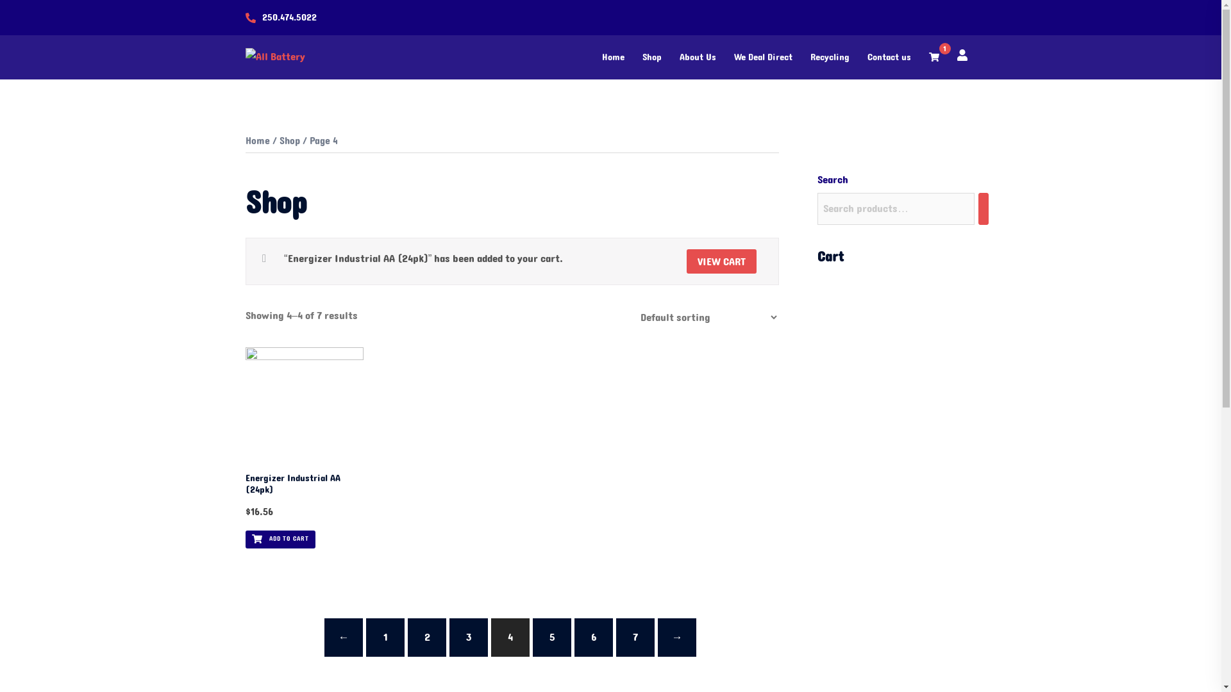 The width and height of the screenshot is (1231, 692). I want to click on '7', so click(635, 638).